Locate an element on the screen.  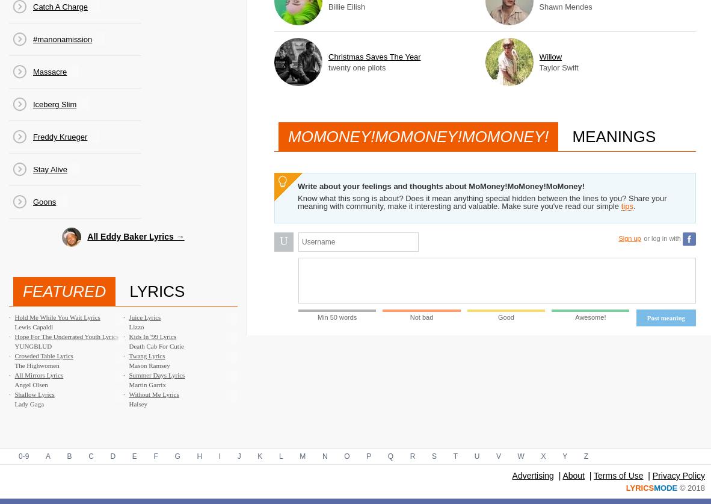
'Terms of Use' is located at coordinates (617, 474).